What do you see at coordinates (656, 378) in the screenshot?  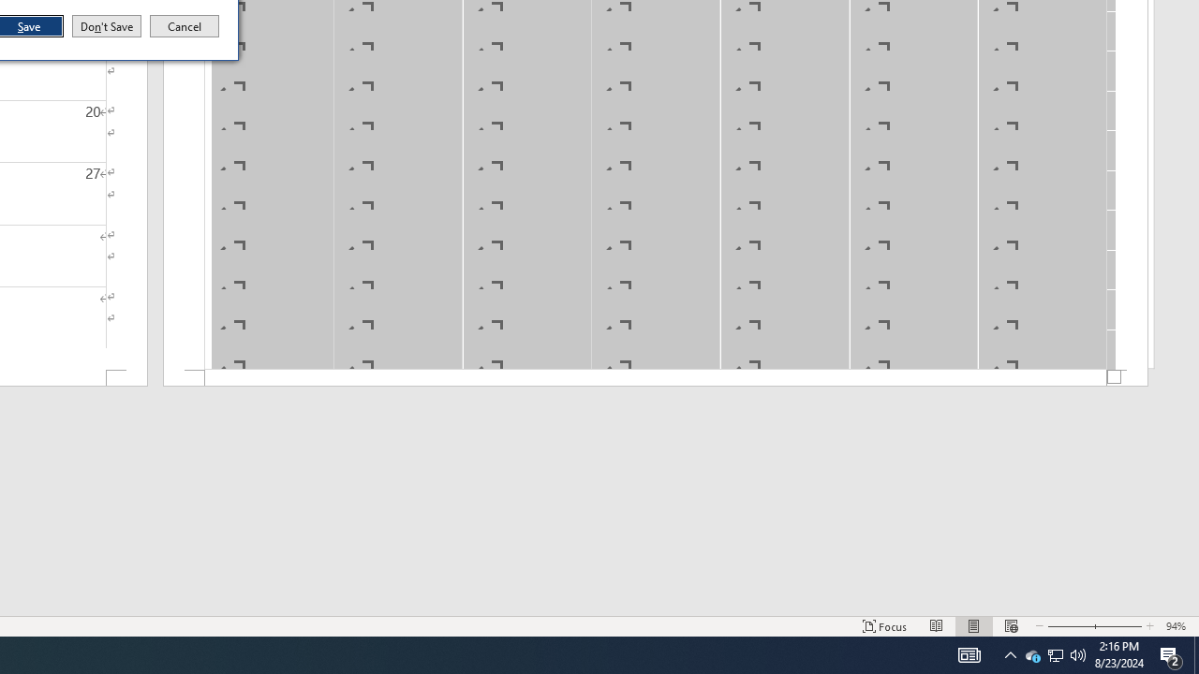 I see `'Footer -Section 1-'` at bounding box center [656, 378].